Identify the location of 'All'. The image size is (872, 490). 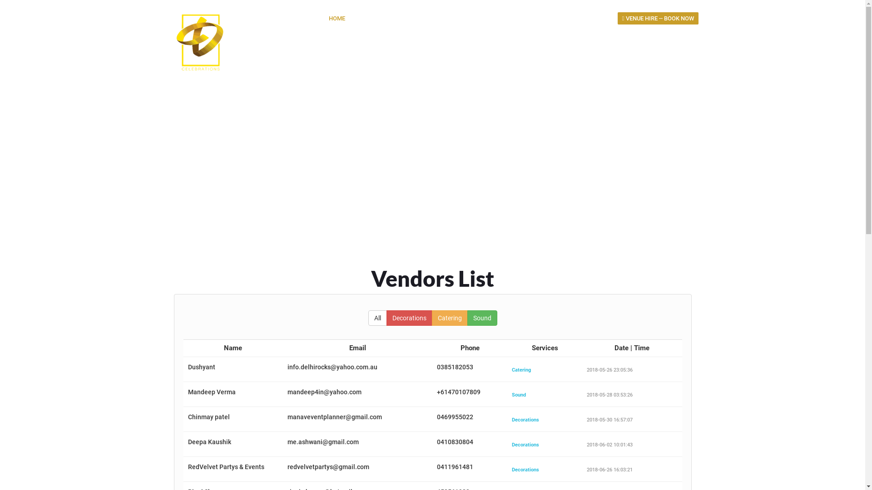
(377, 318).